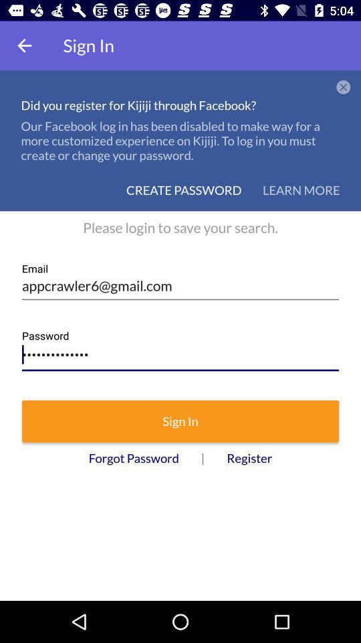 The image size is (361, 643). What do you see at coordinates (180, 281) in the screenshot?
I see `item below please login to item` at bounding box center [180, 281].